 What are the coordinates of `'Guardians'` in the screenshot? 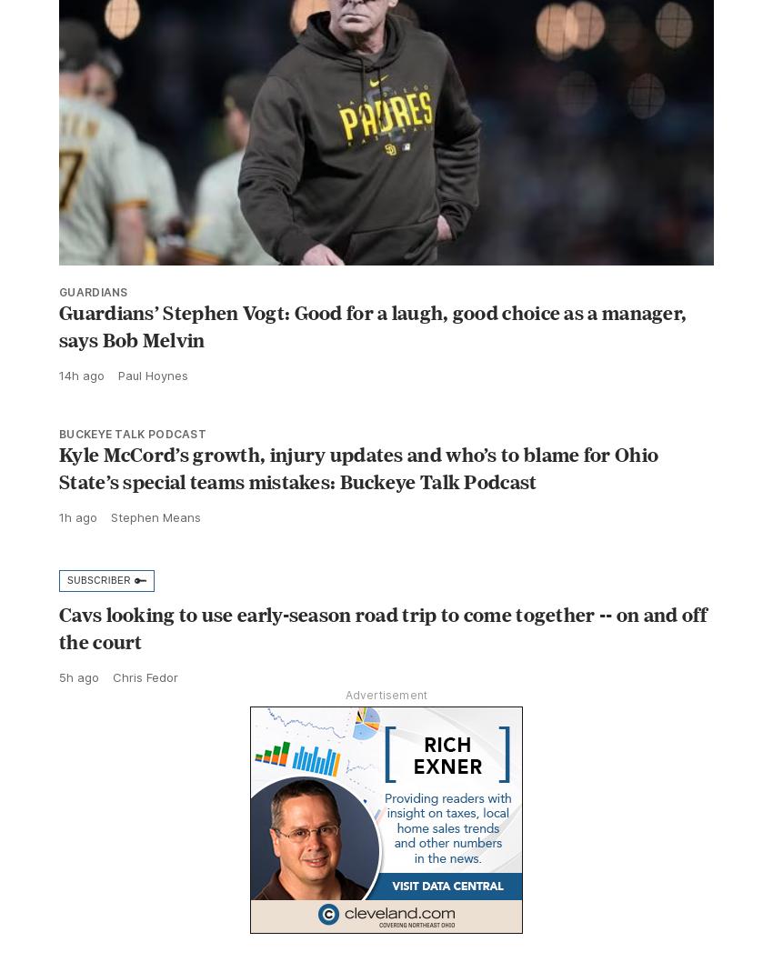 It's located at (92, 331).